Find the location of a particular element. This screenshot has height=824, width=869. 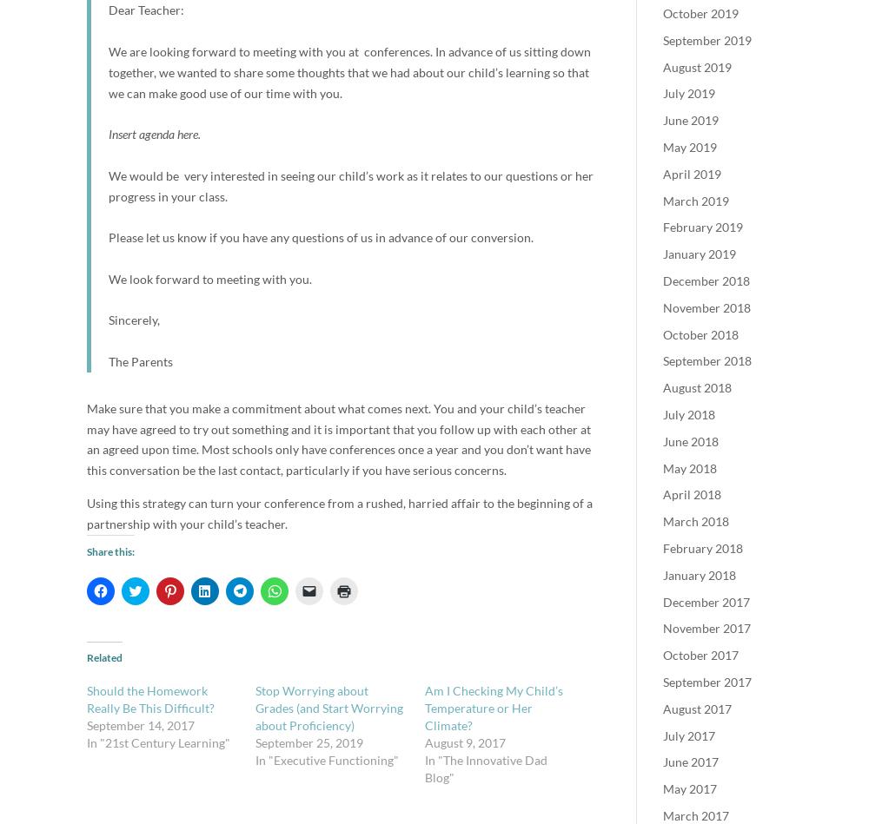

'October 2017' is located at coordinates (700, 655).